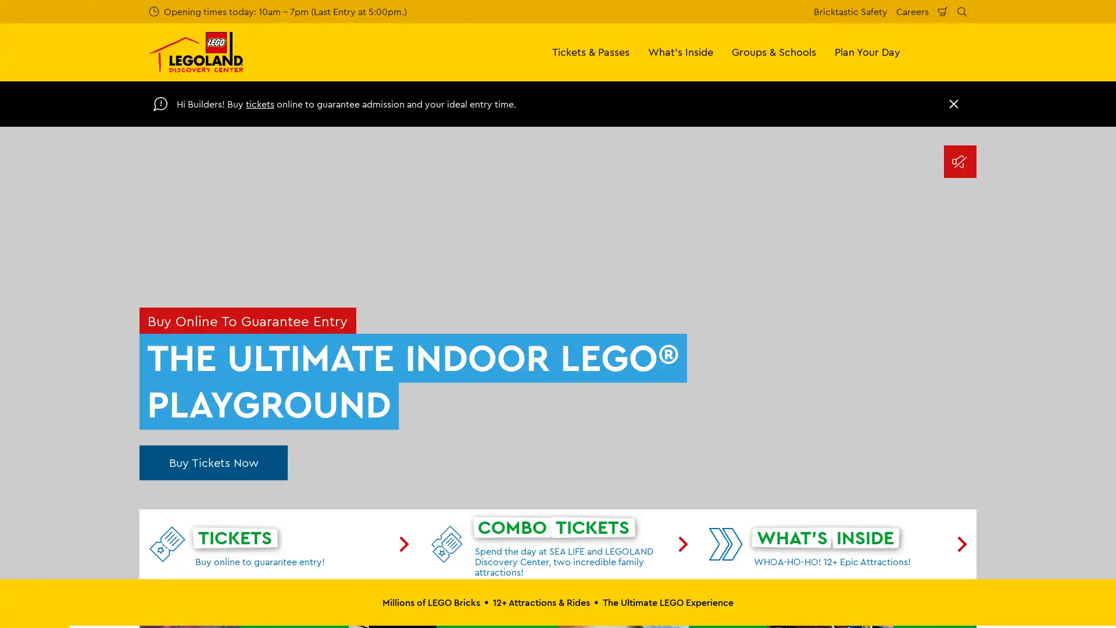 The image size is (1116, 628). Describe the element at coordinates (681, 51) in the screenshot. I see `What's Inside` at that location.